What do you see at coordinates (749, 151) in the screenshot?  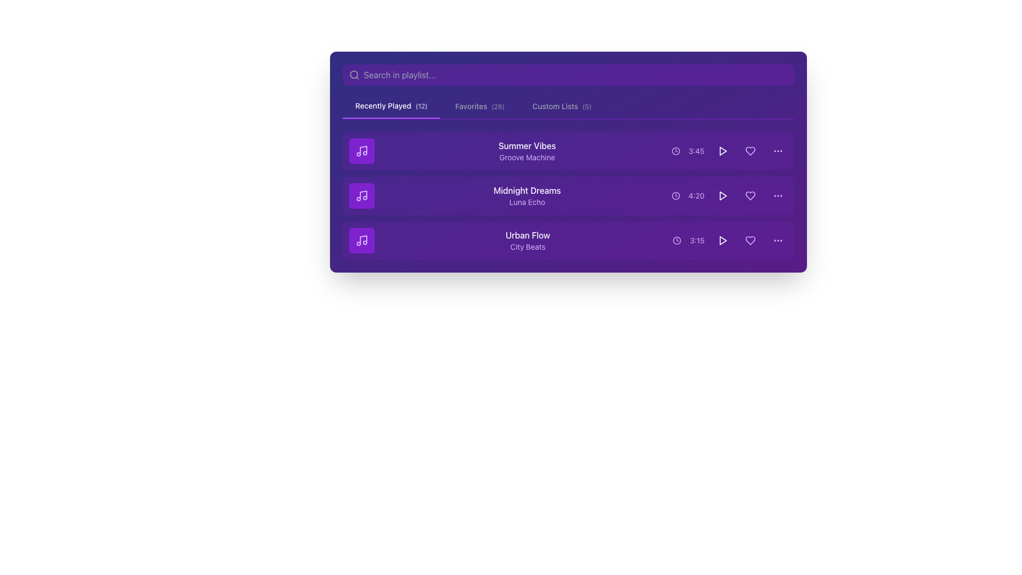 I see `the heart-shaped icon outlined in light purple to like or unlike the 'Summer Vibes' track` at bounding box center [749, 151].